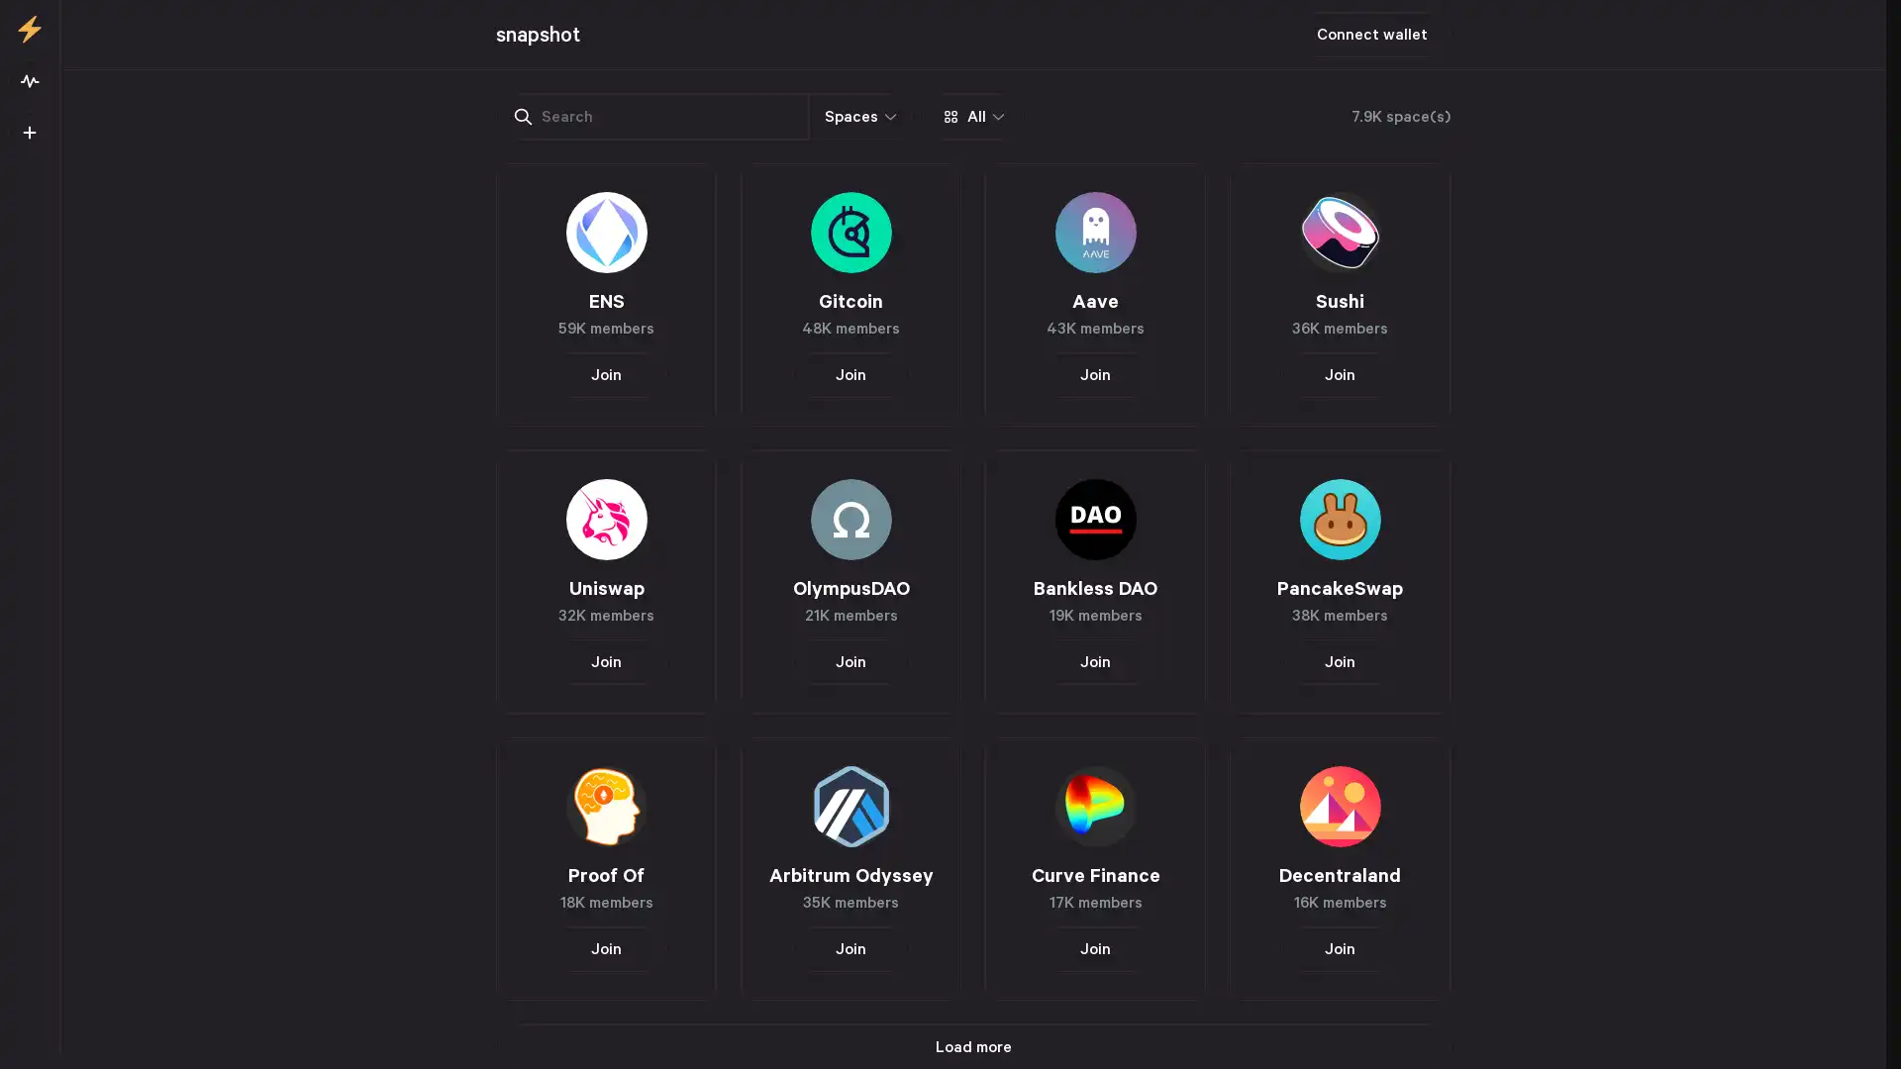 The width and height of the screenshot is (1901, 1069). What do you see at coordinates (970, 117) in the screenshot?
I see `All` at bounding box center [970, 117].